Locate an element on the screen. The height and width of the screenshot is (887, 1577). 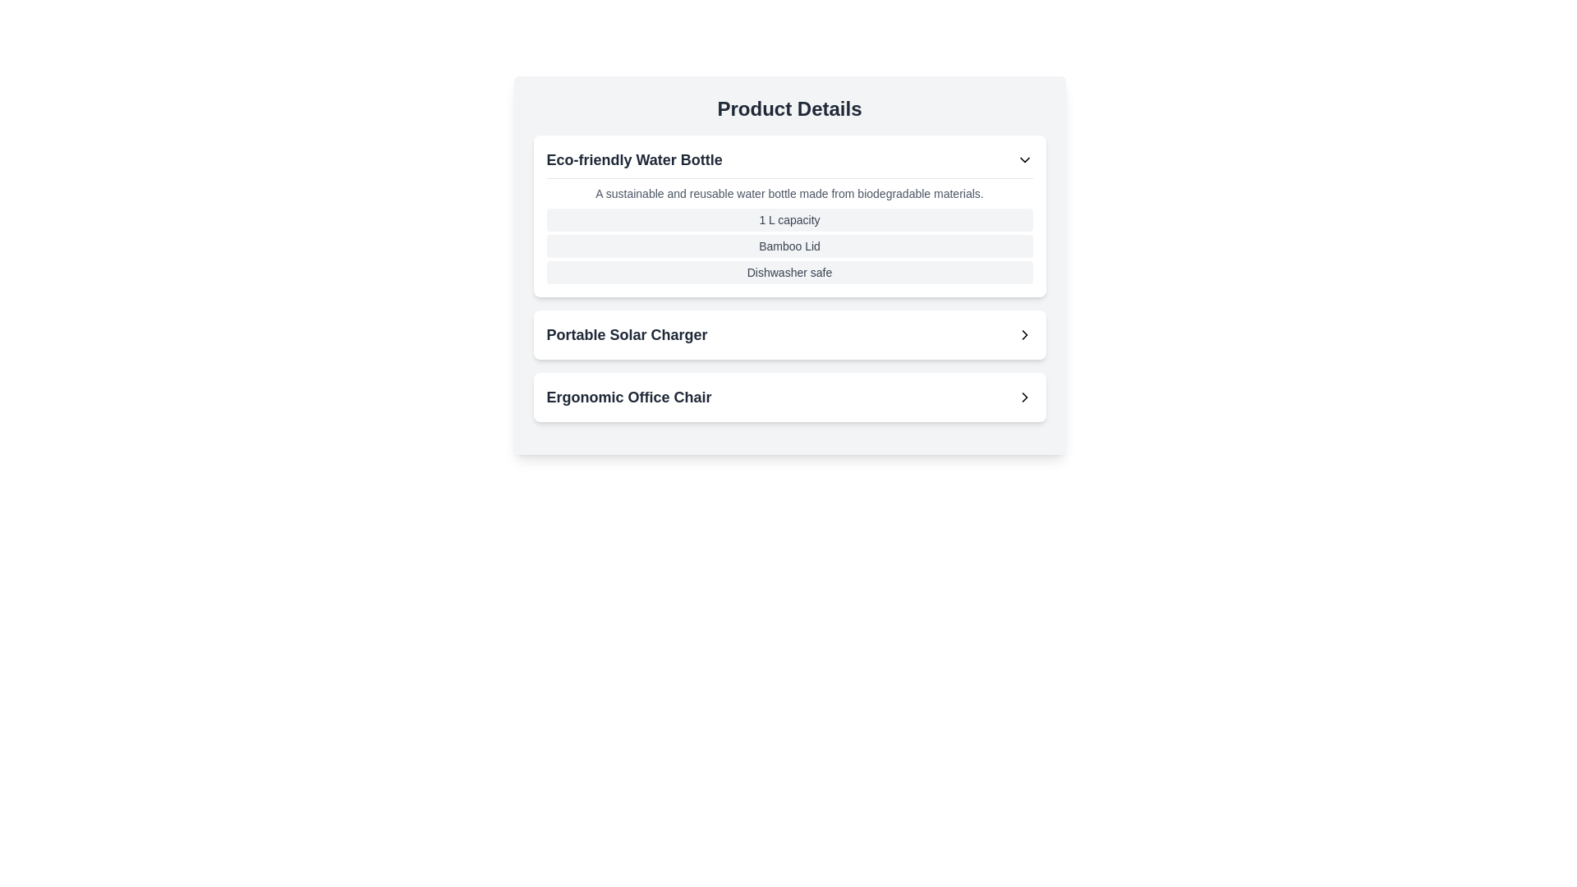
the navigational arrow icon within the SVG graphic that leads to more details about the 'Ergonomic Office Chair', located in the right section of the third row of products is located at coordinates (1023, 397).